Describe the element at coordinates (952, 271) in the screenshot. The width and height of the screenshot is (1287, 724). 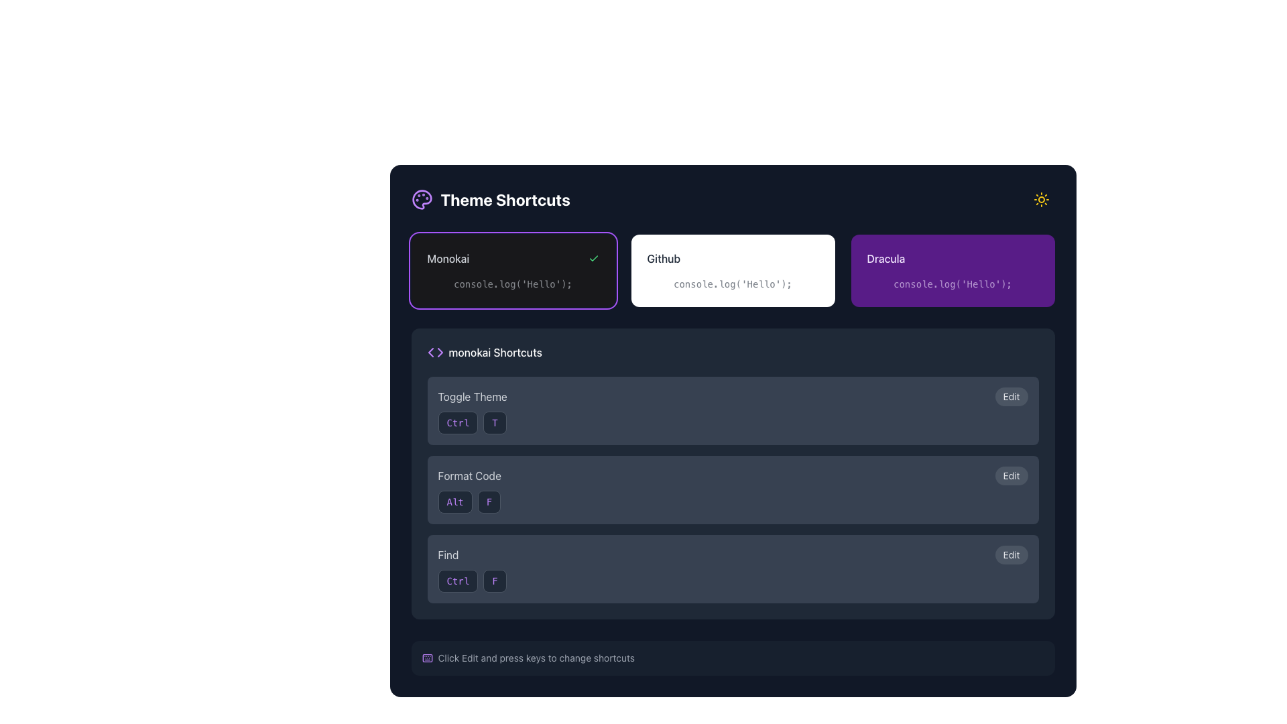
I see `the 'Dracula' selectable card, which is the rightmost card in a grid of three options` at that location.